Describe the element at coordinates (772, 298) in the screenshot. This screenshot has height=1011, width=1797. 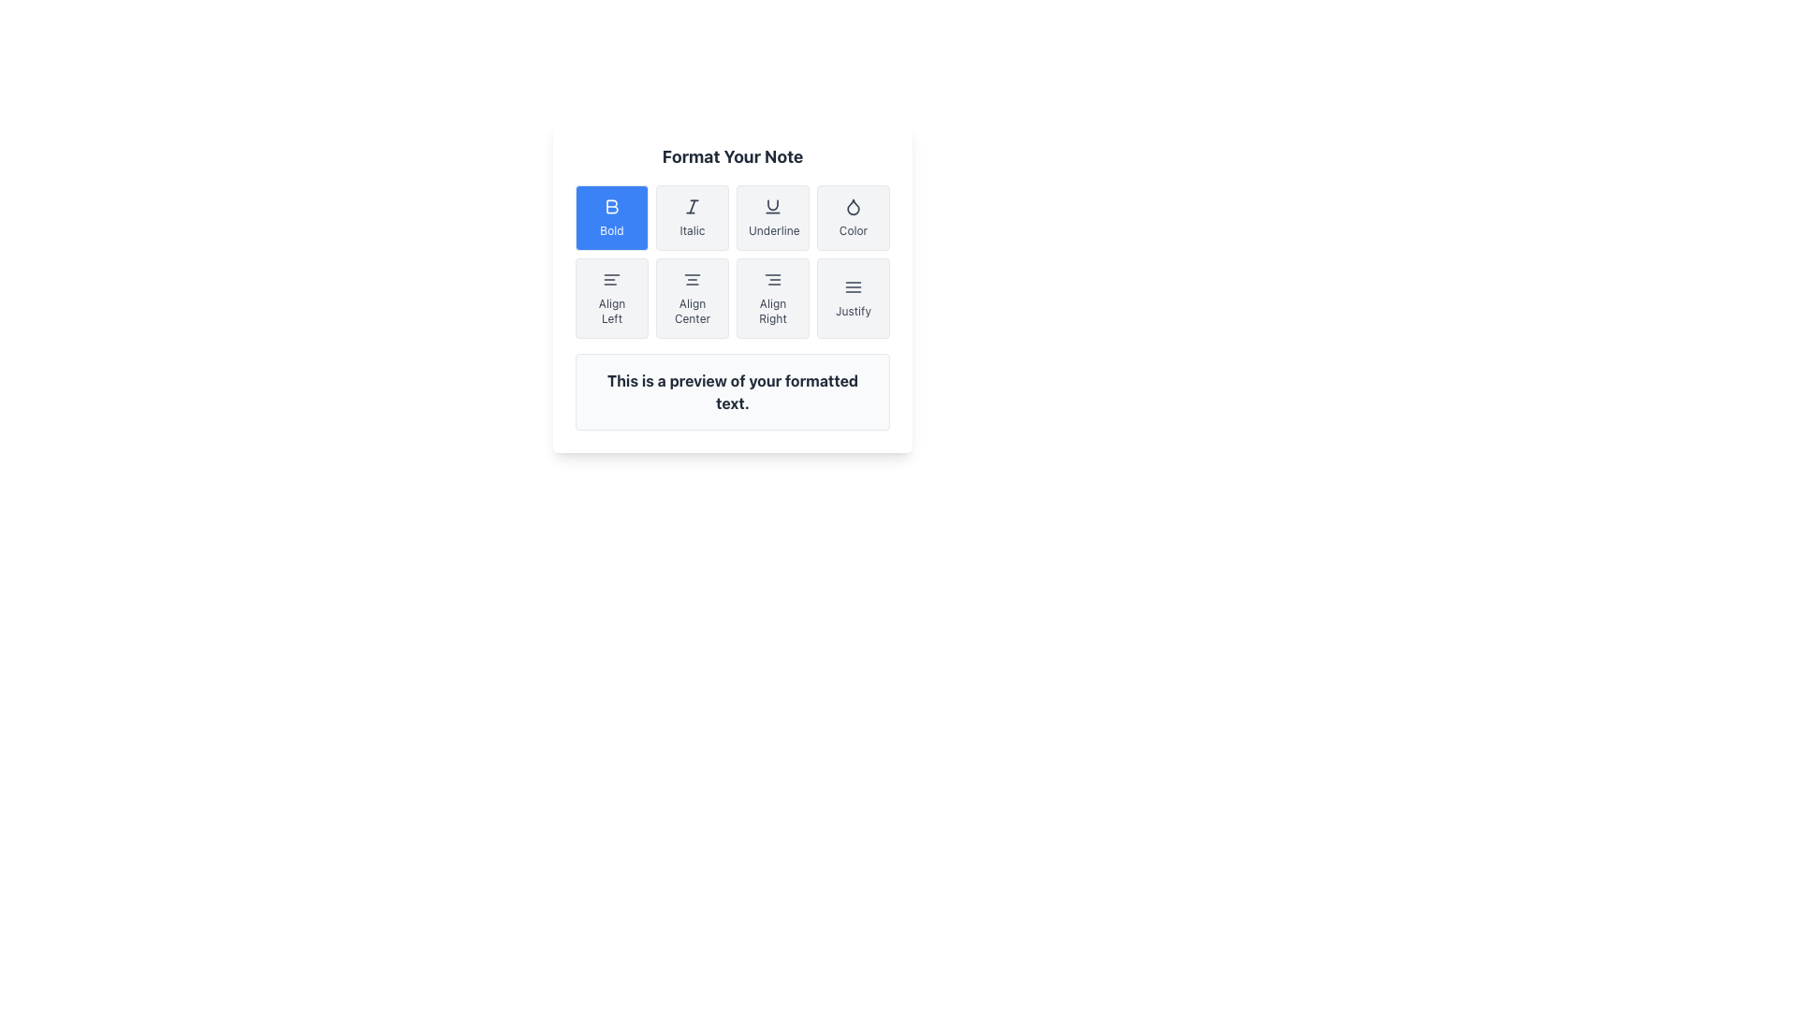
I see `the 'Align Right' button, which is a rectangular button with a light gray background, rounded corners, and an icon of horizontal lines` at that location.